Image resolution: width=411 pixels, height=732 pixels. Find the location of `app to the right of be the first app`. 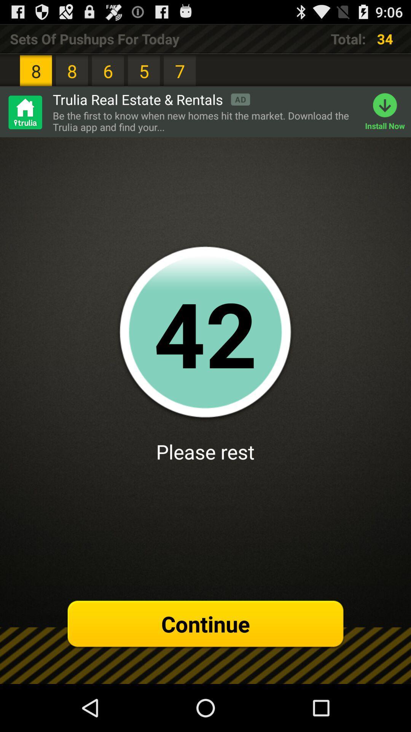

app to the right of be the first app is located at coordinates (388, 112).